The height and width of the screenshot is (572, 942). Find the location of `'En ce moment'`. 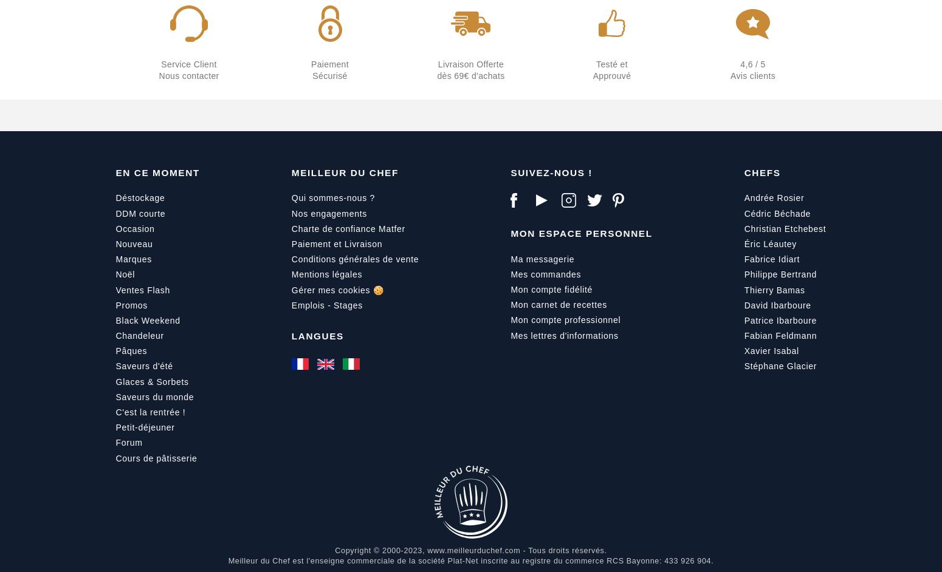

'En ce moment' is located at coordinates (157, 172).